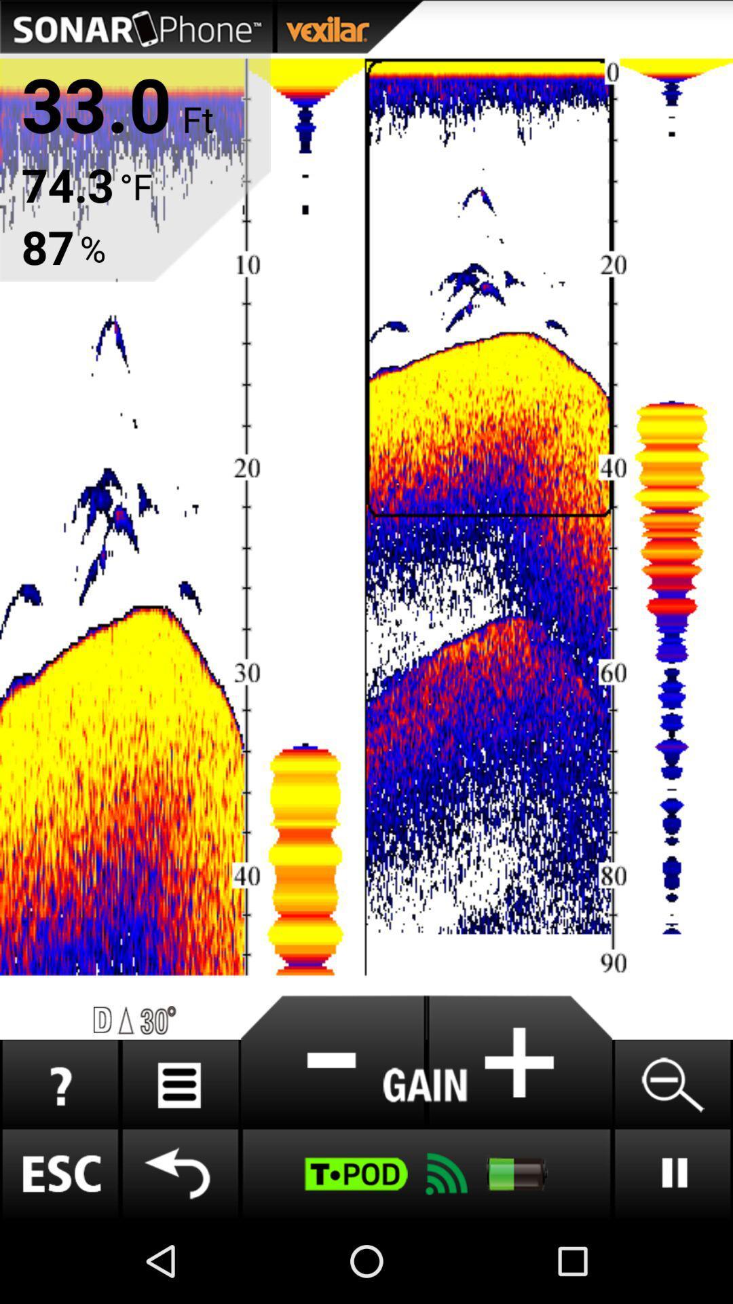 The image size is (733, 1304). Describe the element at coordinates (179, 1173) in the screenshot. I see `go back` at that location.